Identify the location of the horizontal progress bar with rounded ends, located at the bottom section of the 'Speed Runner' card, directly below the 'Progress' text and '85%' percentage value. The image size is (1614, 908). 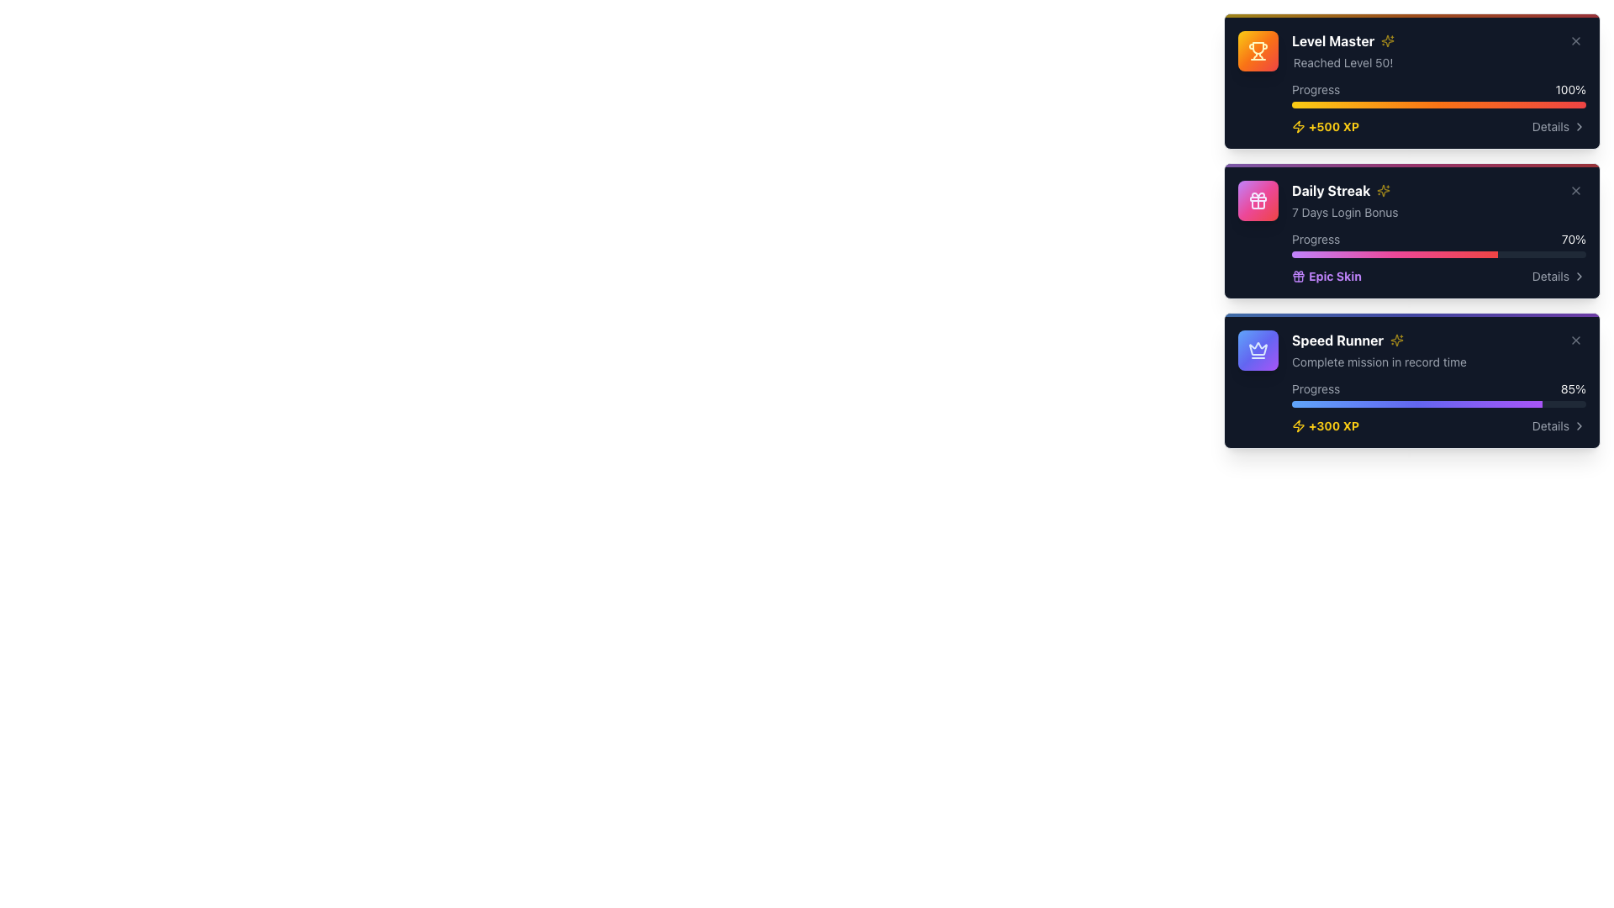
(1438, 404).